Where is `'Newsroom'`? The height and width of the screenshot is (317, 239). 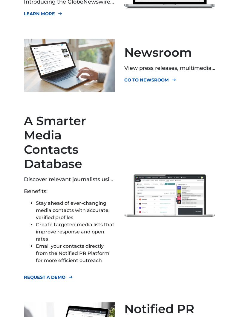 'Newsroom' is located at coordinates (158, 52).